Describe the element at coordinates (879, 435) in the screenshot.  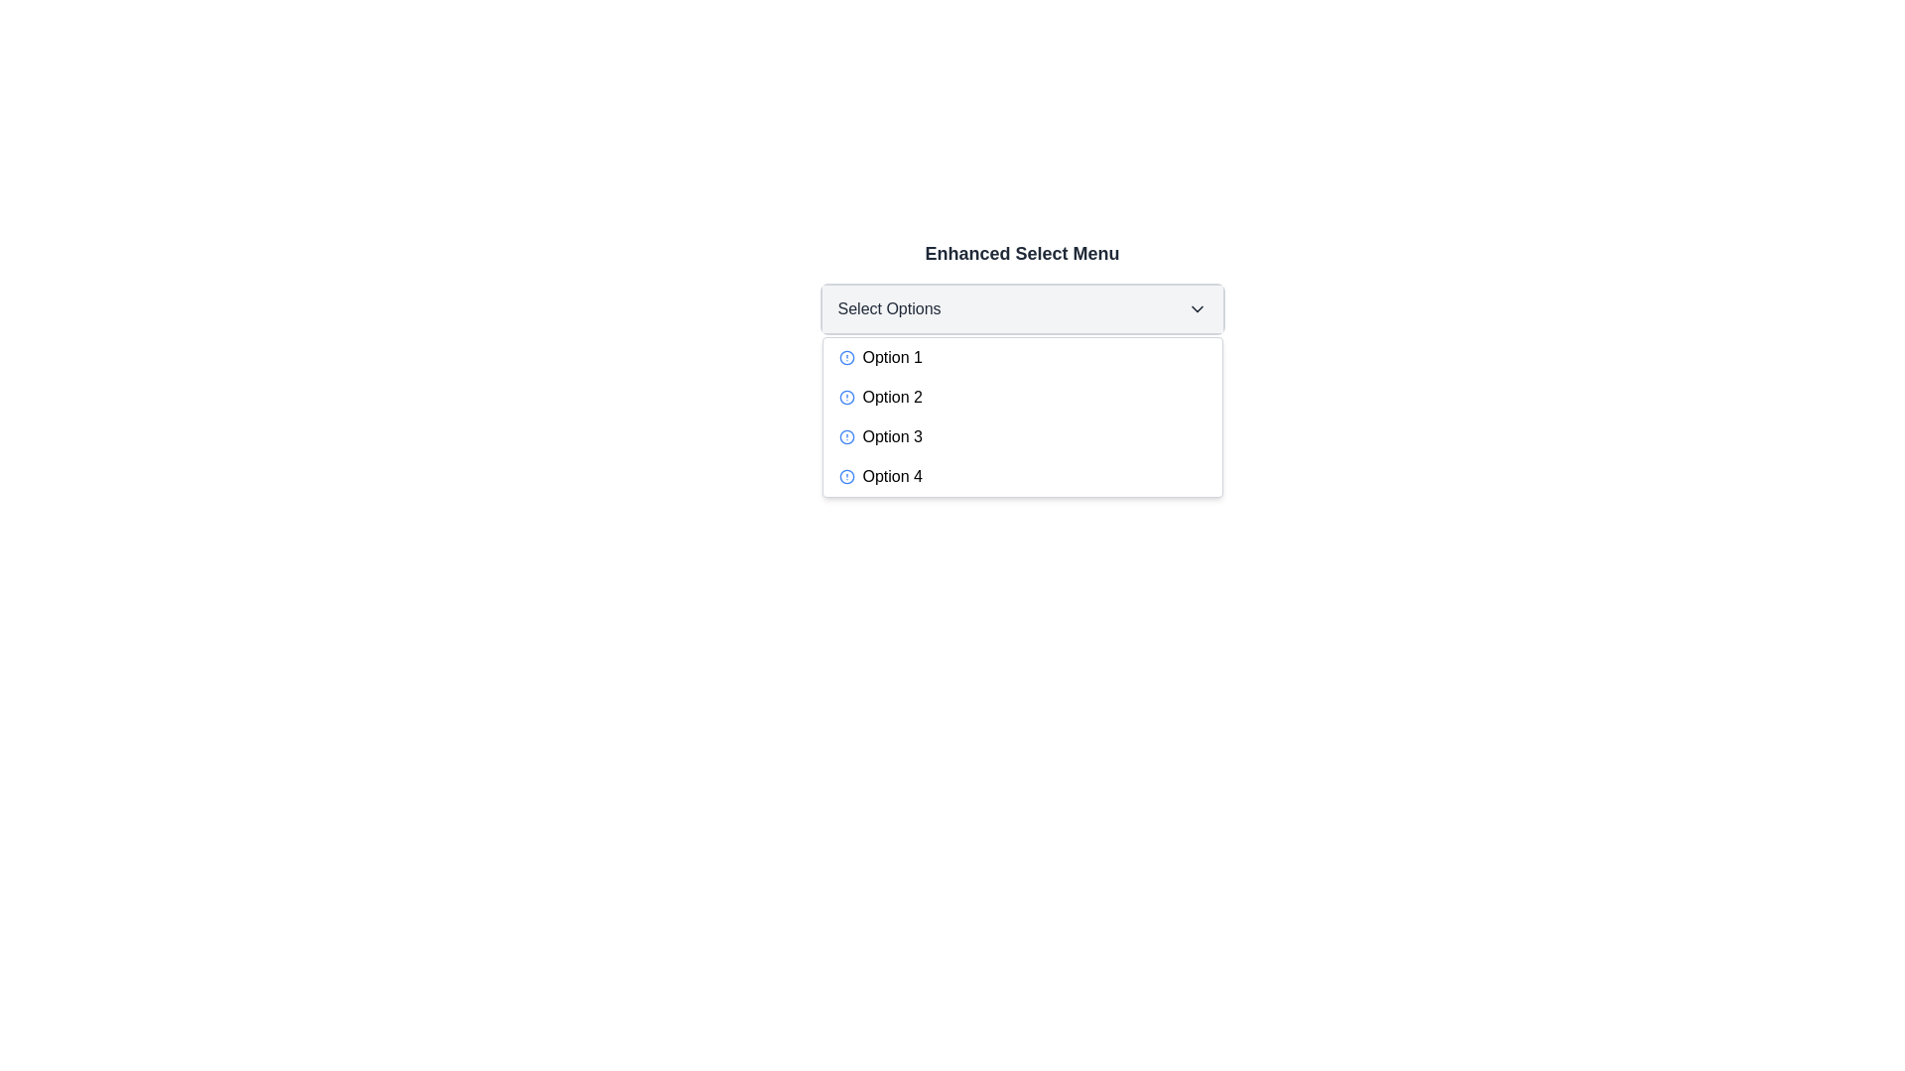
I see `the menu option labeled 'Option 3' with a blue circular icon and an exclamation mark` at that location.